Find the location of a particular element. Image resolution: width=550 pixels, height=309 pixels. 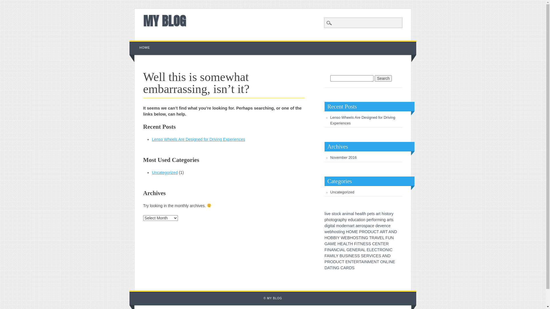

'N' is located at coordinates (350, 255).